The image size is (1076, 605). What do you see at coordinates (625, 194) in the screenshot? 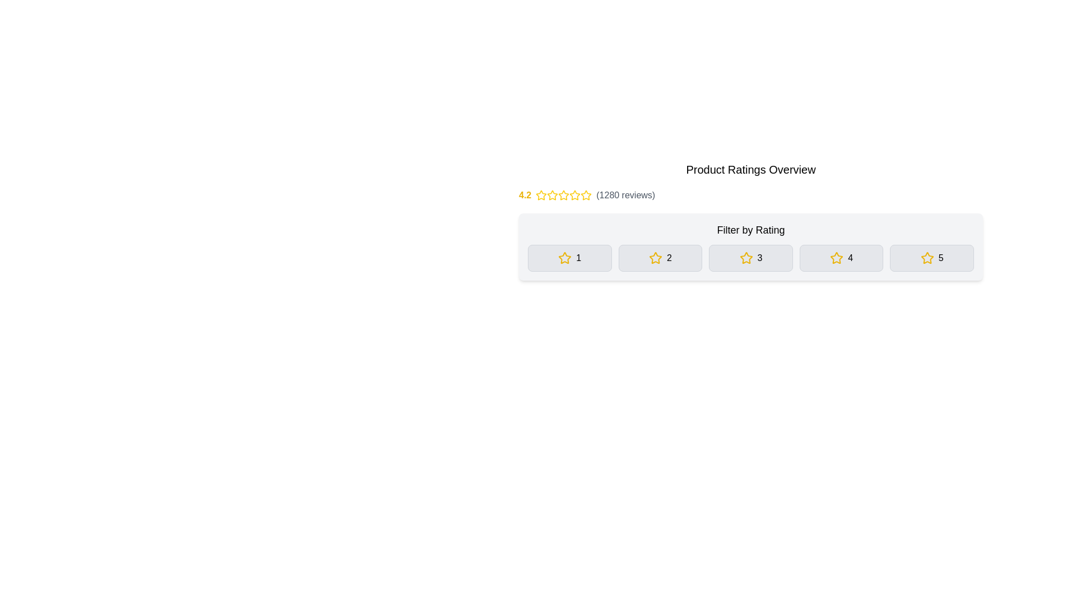
I see `the text label element displaying '(1280 reviews)' styled in gray color, located to the right of the star rating and numeric score (4.2)` at bounding box center [625, 194].